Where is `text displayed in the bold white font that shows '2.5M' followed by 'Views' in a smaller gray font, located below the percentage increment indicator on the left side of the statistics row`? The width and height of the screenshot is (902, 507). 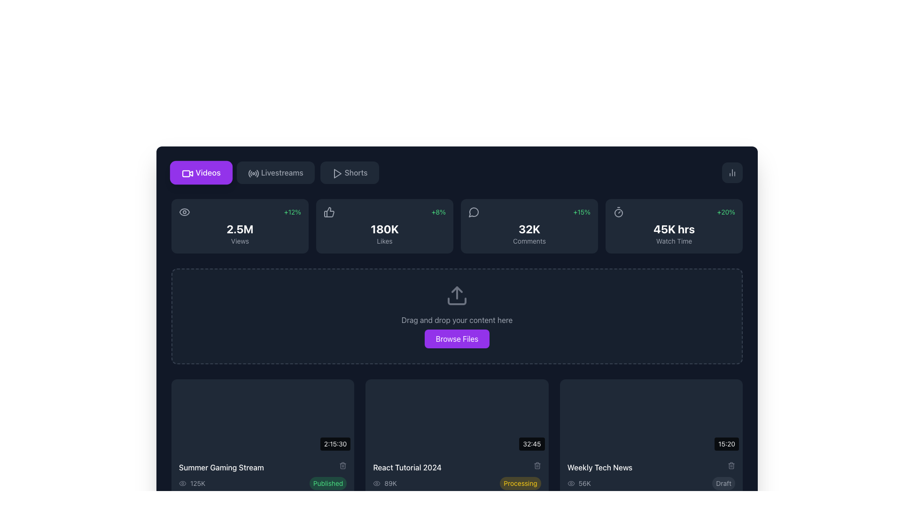
text displayed in the bold white font that shows '2.5M' followed by 'Views' in a smaller gray font, located below the percentage increment indicator on the left side of the statistics row is located at coordinates (240, 233).